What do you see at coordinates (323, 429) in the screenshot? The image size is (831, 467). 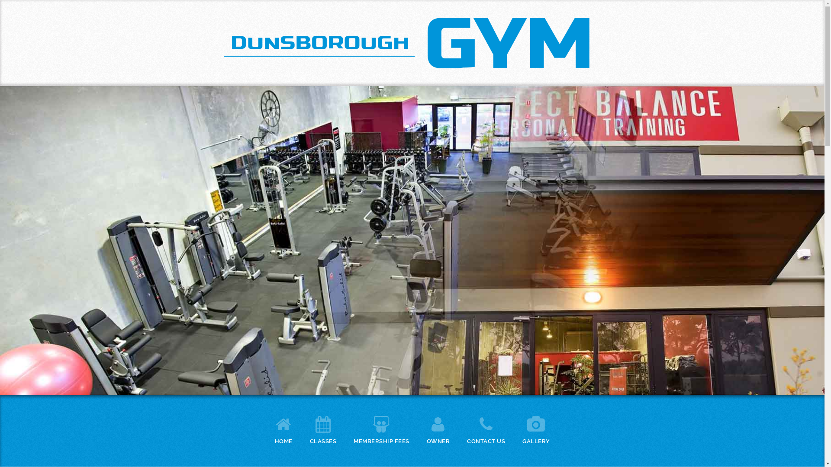 I see `'CLASSES'` at bounding box center [323, 429].